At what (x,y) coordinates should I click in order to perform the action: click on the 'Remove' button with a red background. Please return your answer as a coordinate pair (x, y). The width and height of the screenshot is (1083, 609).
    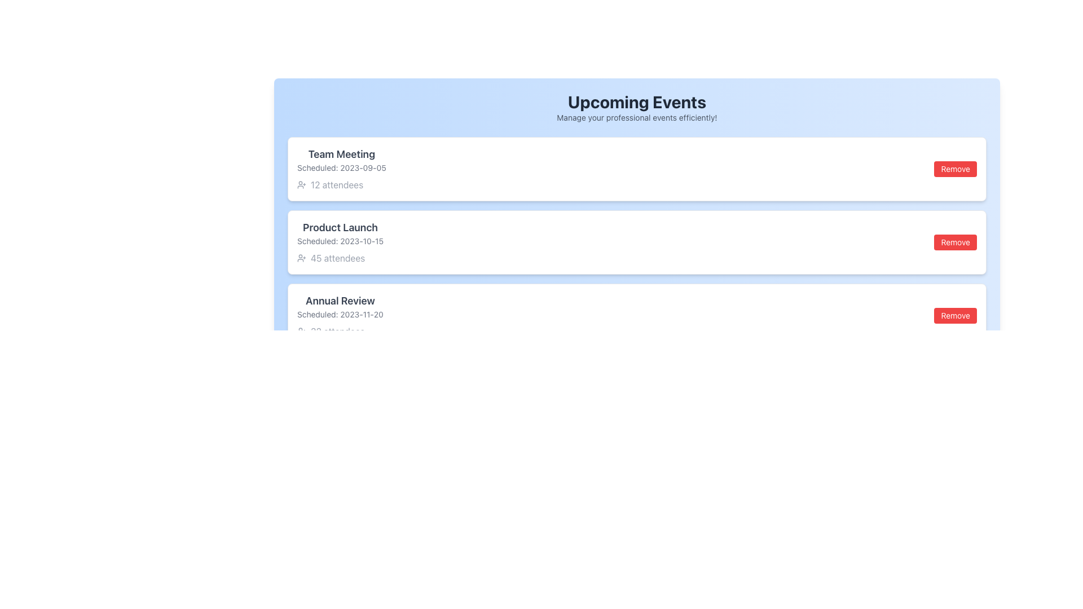
    Looking at the image, I should click on (955, 169).